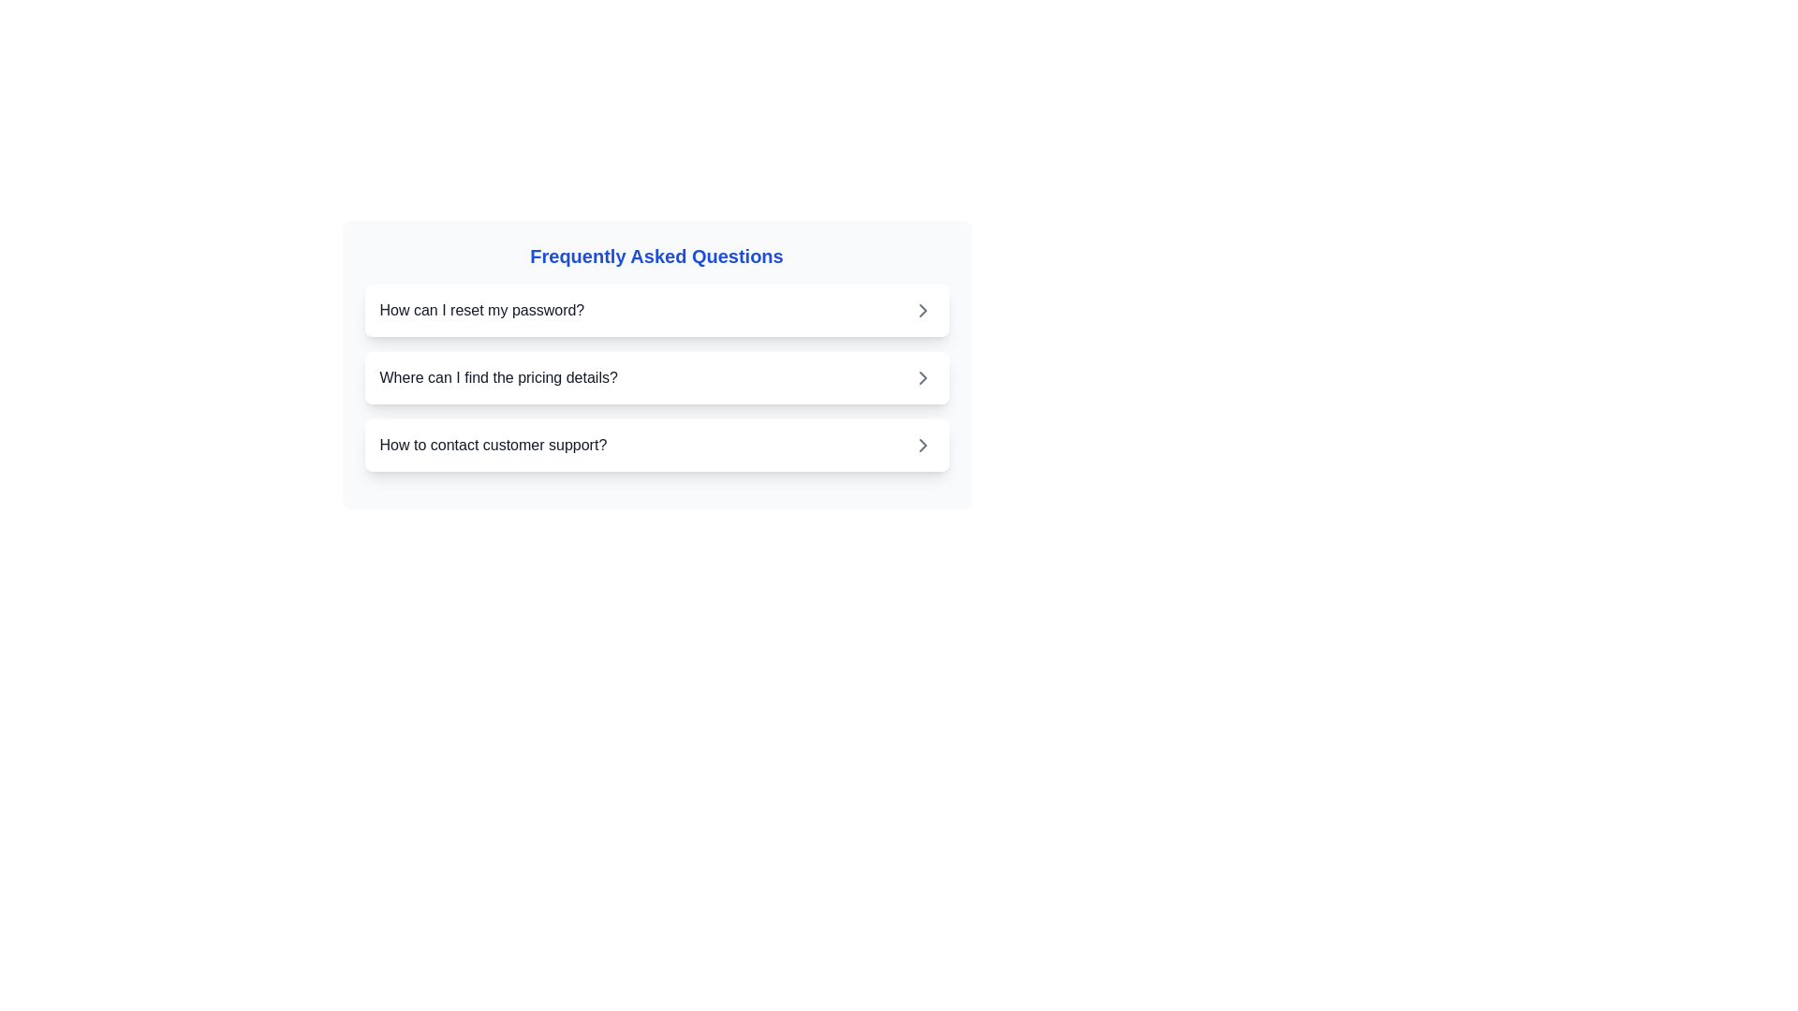 The width and height of the screenshot is (1798, 1011). What do you see at coordinates (656, 445) in the screenshot?
I see `the third item in the 'Frequently Asked Questions' list that relates to contacting customer support` at bounding box center [656, 445].